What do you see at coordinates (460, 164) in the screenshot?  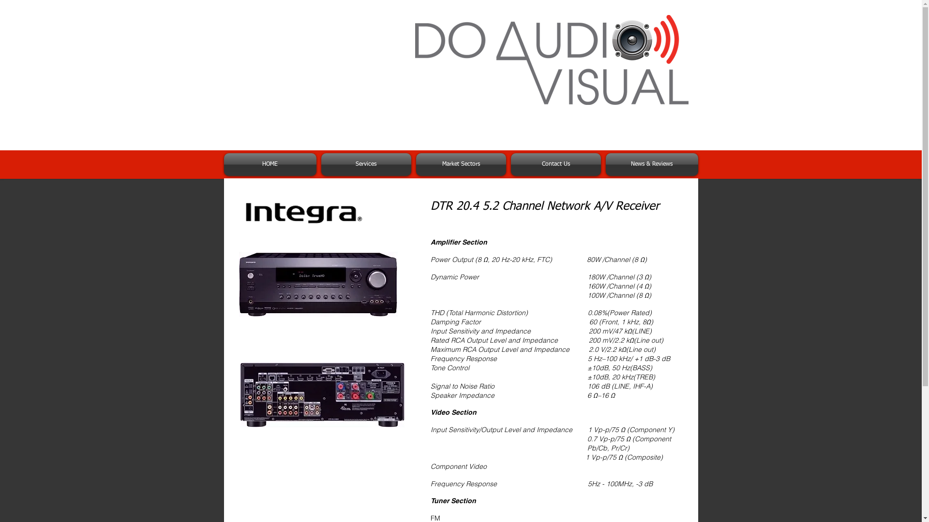 I see `'Market Sectors'` at bounding box center [460, 164].